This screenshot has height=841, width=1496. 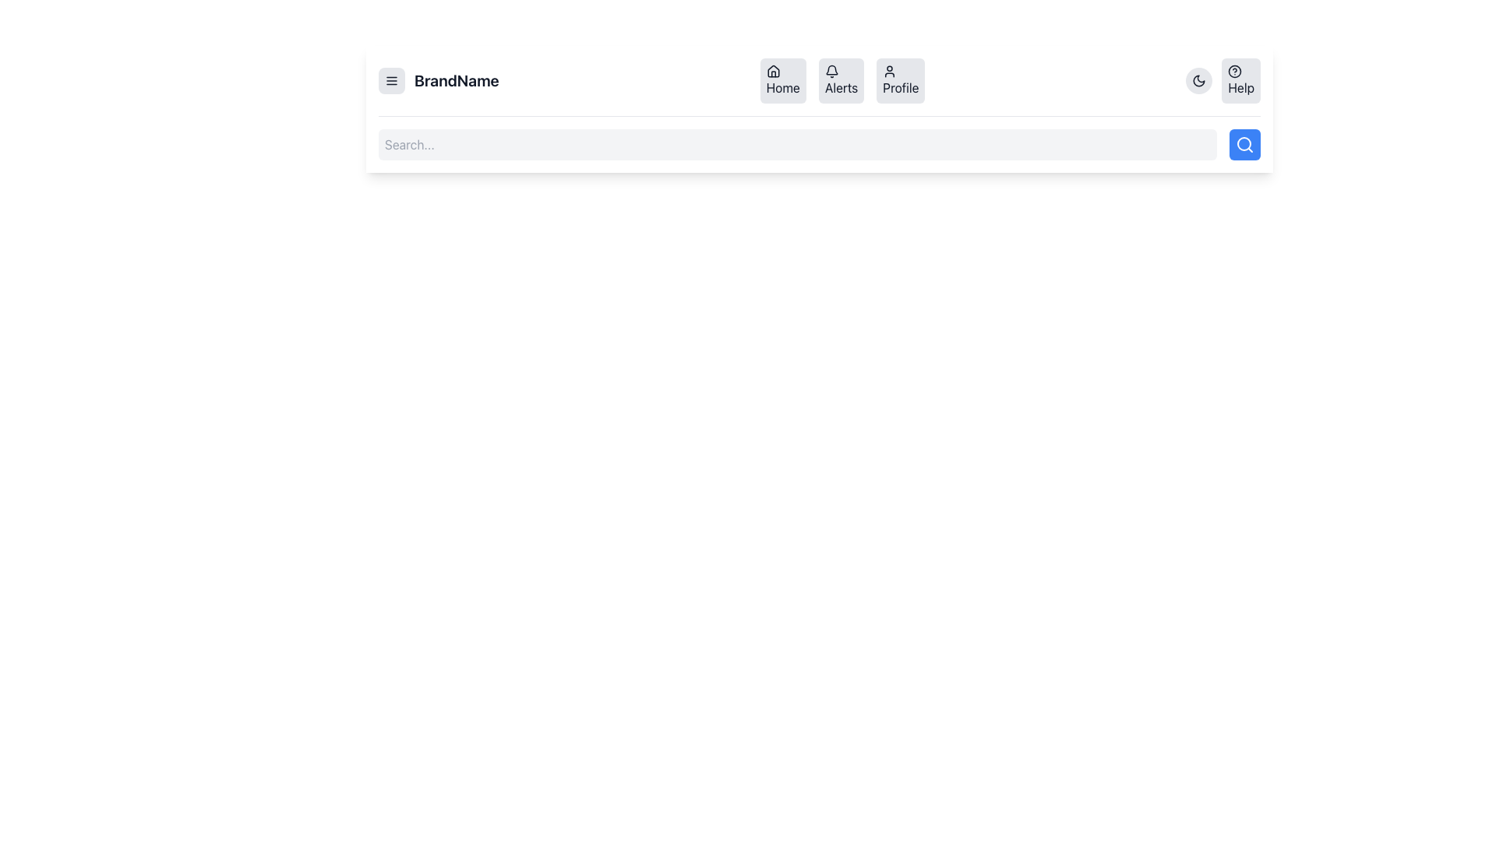 I want to click on the circular component of the magnifying glass search icon located at the far right of the navigation bar, so click(x=1244, y=144).